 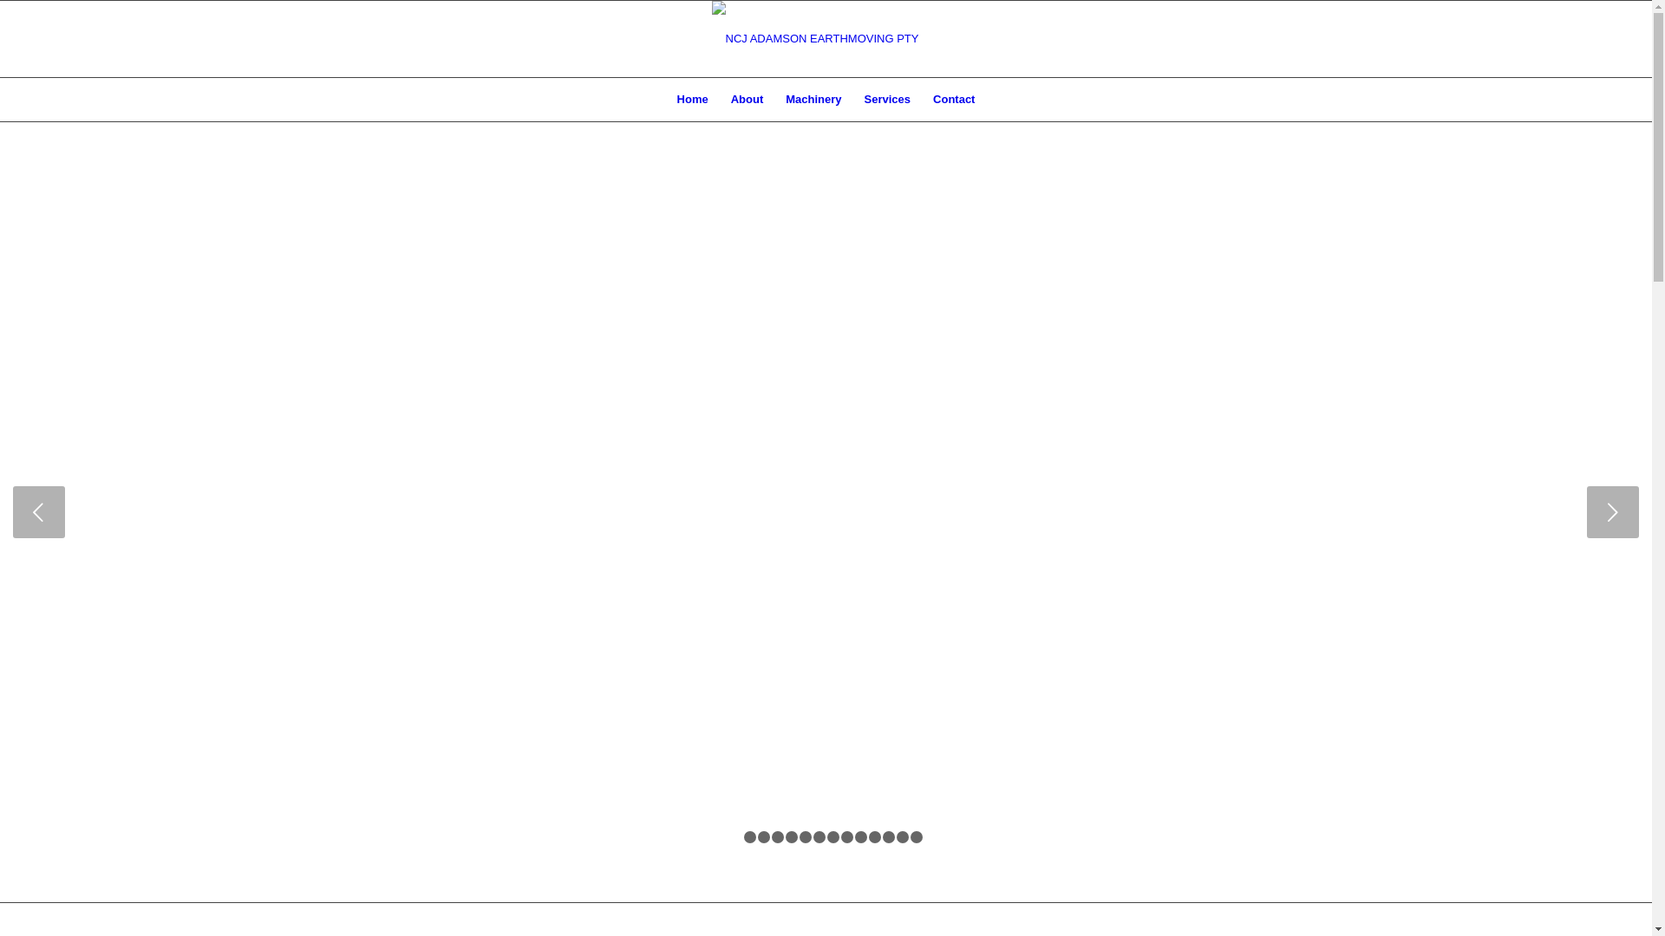 What do you see at coordinates (812, 100) in the screenshot?
I see `'Machinery'` at bounding box center [812, 100].